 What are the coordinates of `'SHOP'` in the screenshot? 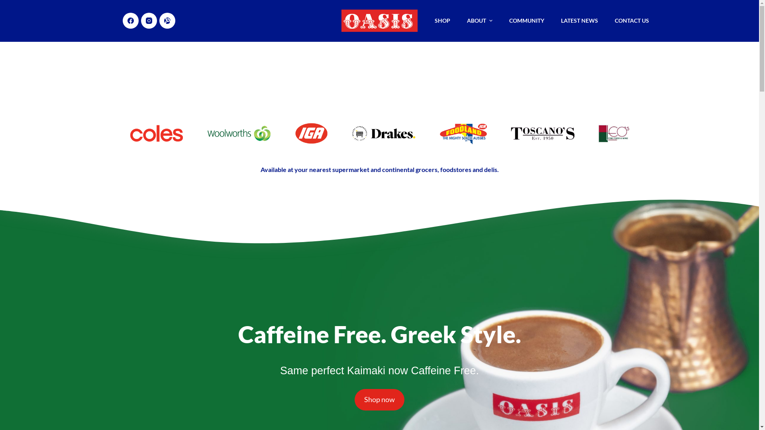 It's located at (442, 20).